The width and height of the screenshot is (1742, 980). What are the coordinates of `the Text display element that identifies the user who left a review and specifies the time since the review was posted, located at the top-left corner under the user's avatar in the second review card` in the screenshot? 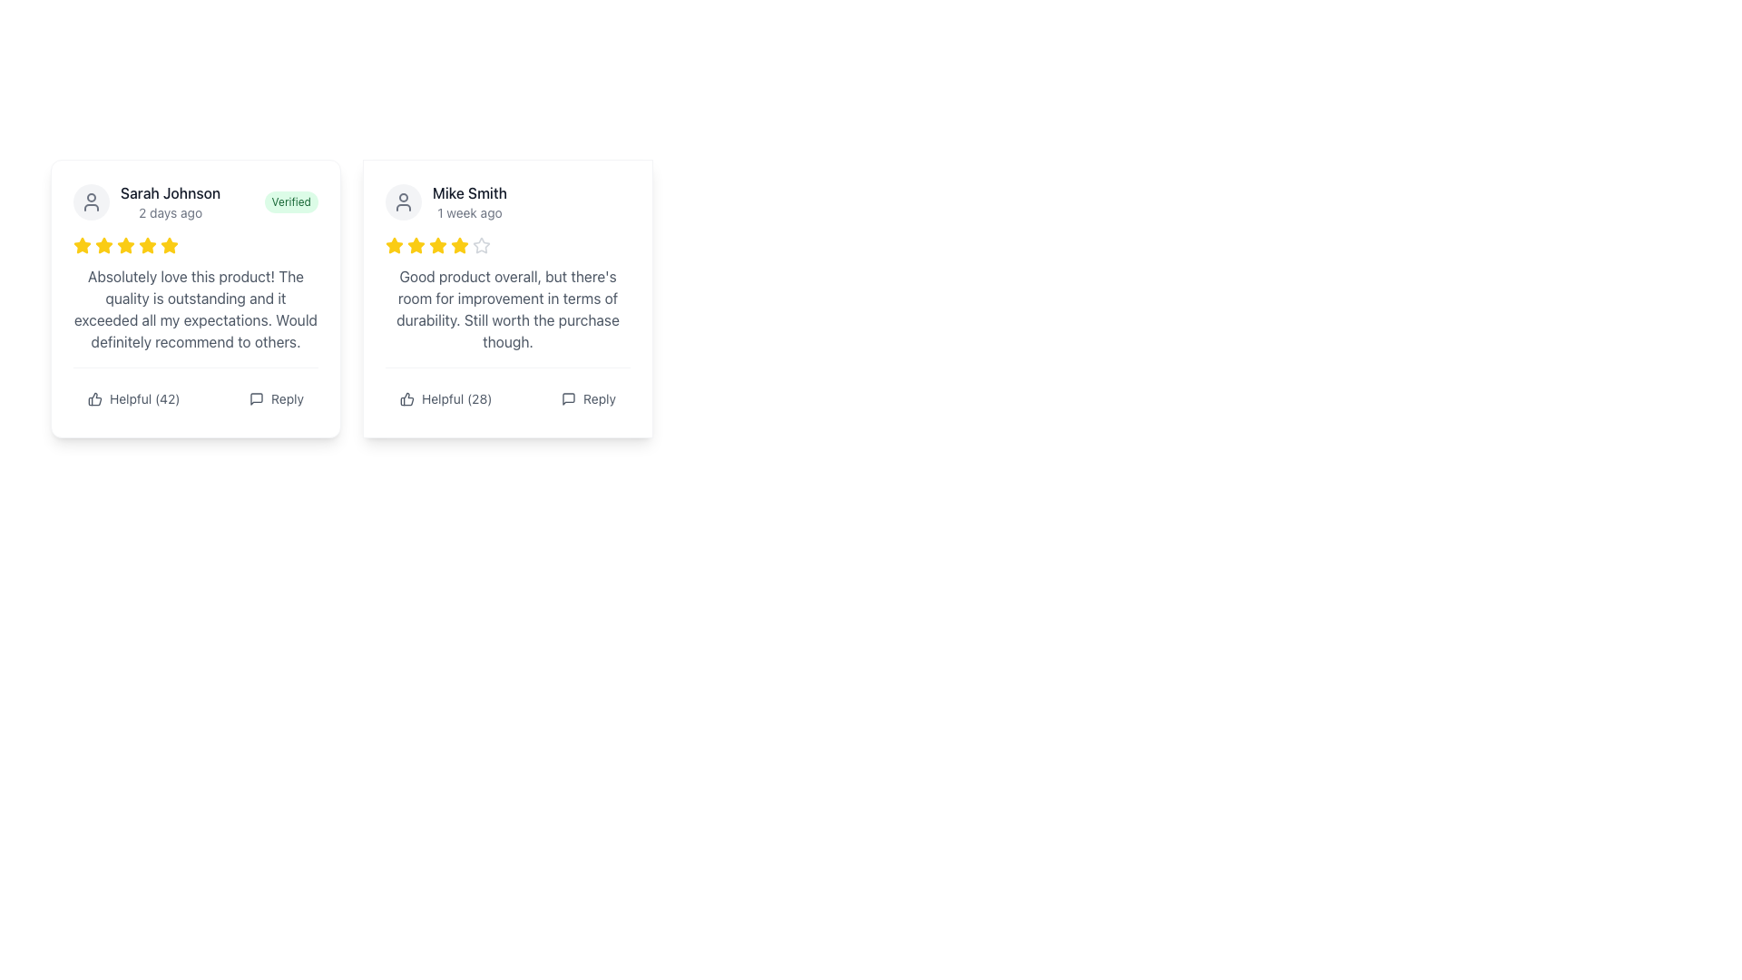 It's located at (470, 202).